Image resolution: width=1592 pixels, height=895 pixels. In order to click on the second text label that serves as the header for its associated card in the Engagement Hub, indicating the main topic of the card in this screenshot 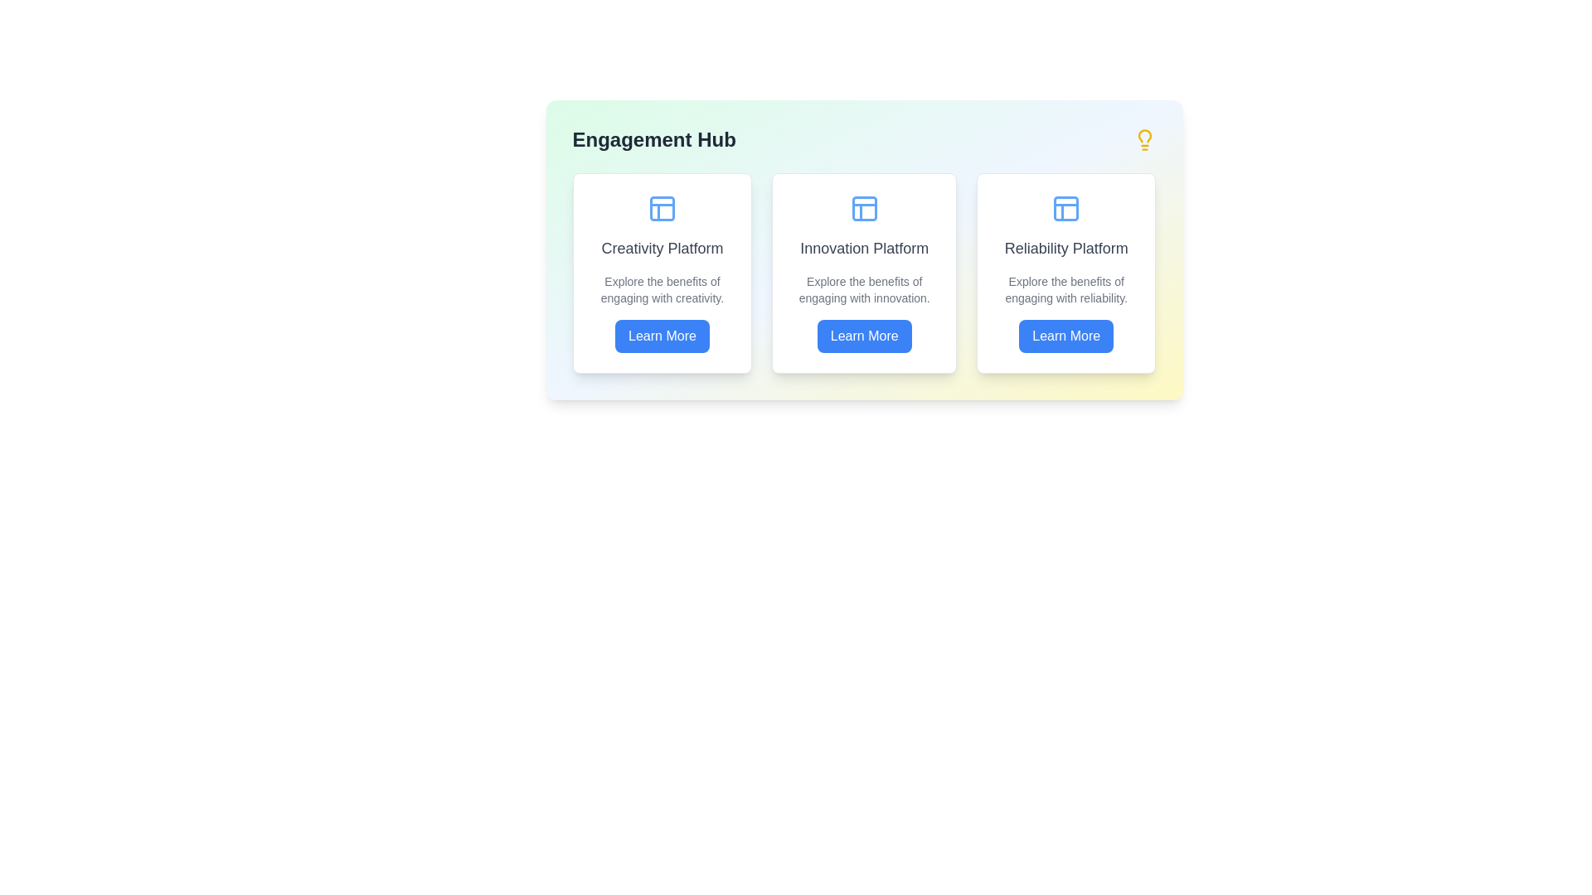, I will do `click(863, 249)`.